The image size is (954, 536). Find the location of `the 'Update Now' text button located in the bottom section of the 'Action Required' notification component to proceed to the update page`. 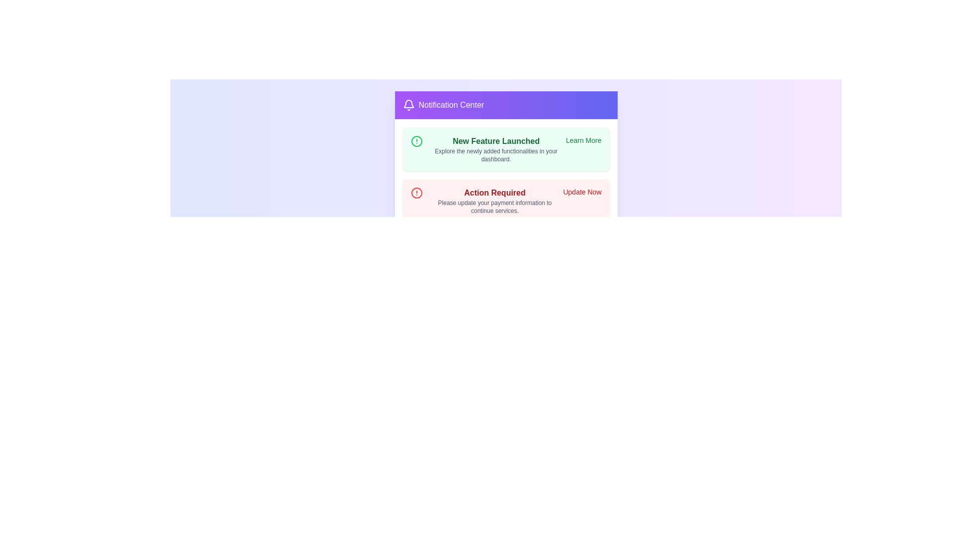

the 'Update Now' text button located in the bottom section of the 'Action Required' notification component to proceed to the update page is located at coordinates (582, 192).